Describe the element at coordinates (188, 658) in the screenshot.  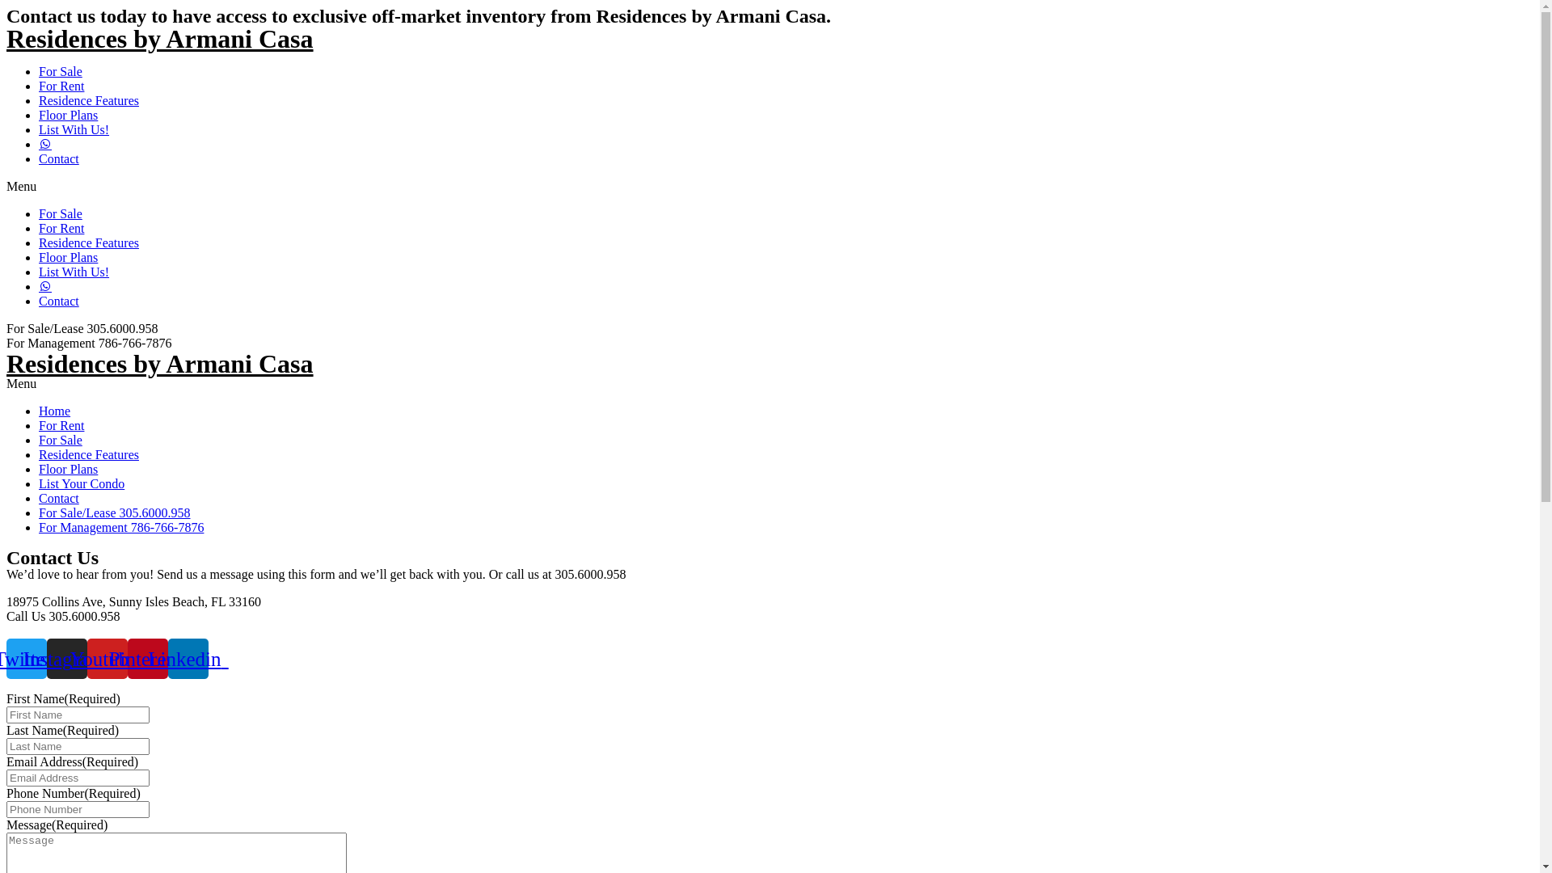
I see `'Linkedin'` at that location.